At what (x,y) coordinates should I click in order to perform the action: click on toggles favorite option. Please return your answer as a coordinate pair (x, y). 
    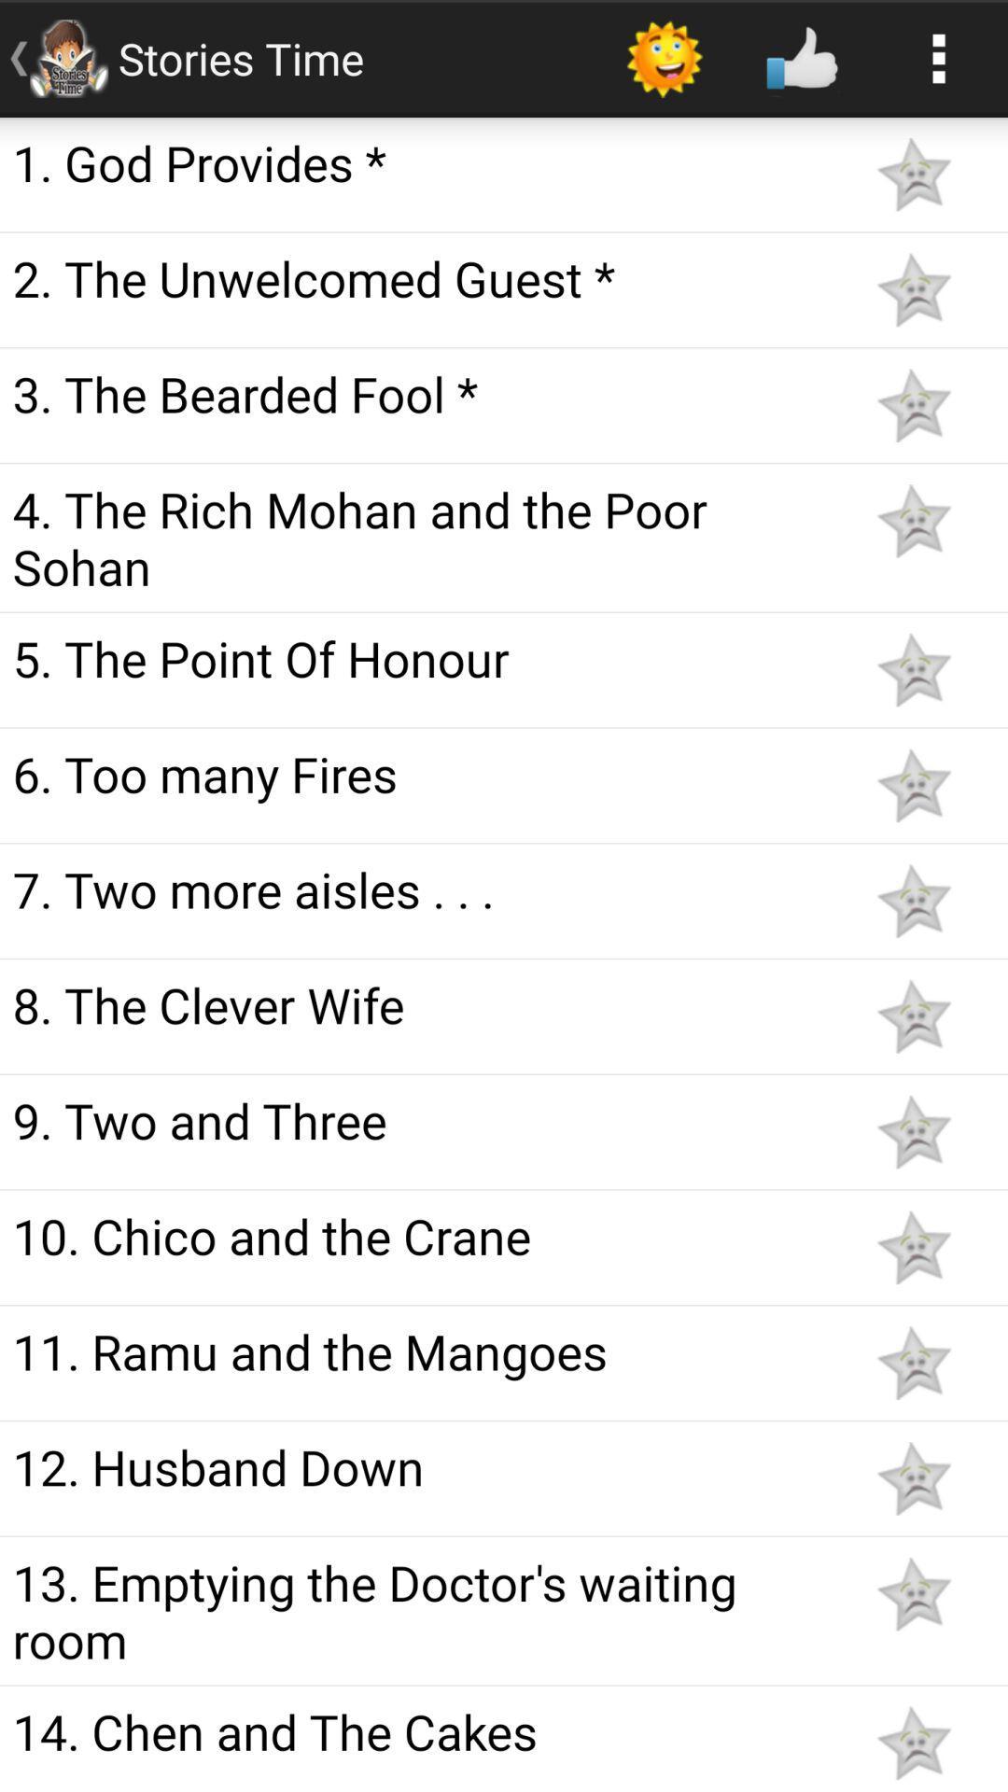
    Looking at the image, I should click on (913, 175).